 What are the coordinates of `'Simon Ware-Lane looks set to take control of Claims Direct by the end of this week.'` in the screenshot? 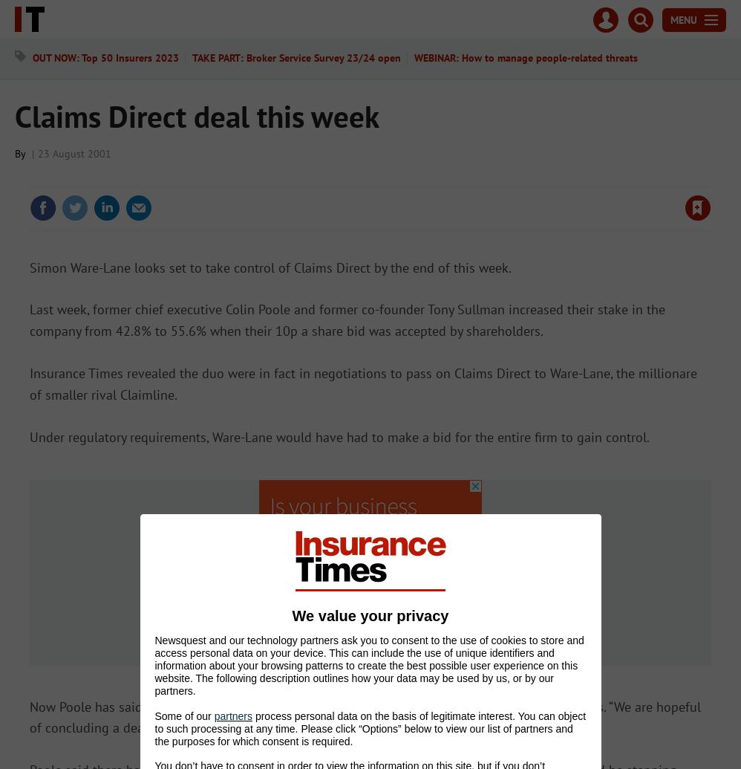 It's located at (270, 267).